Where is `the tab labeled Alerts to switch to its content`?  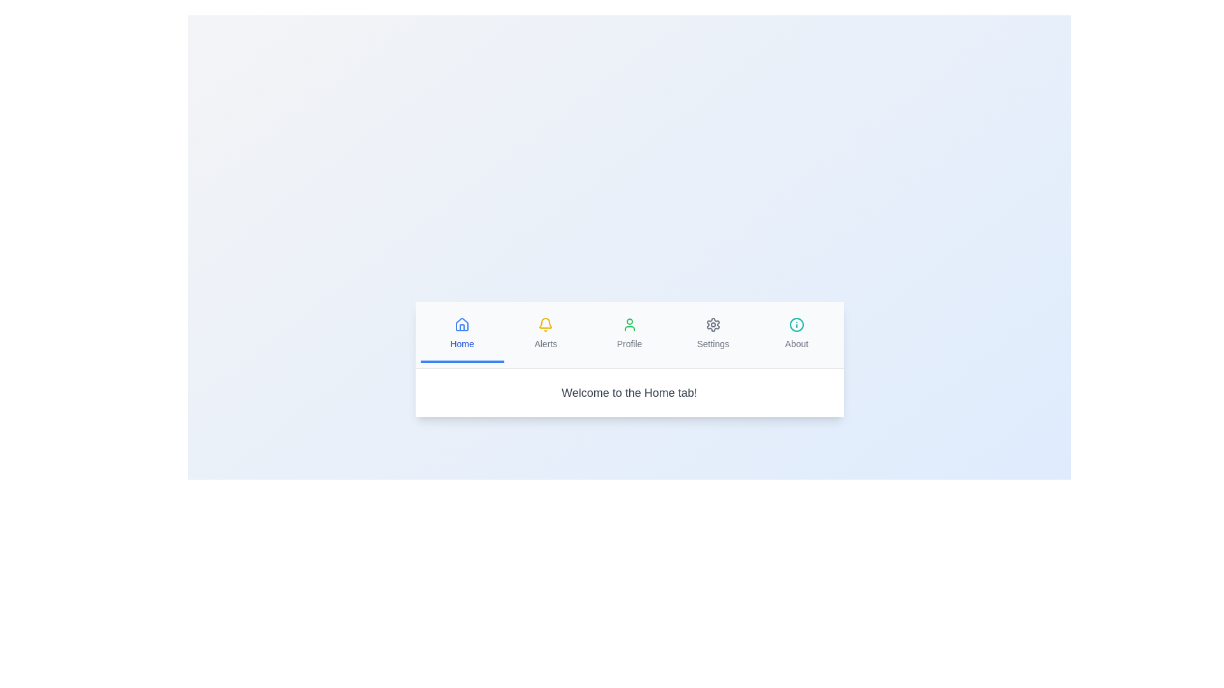 the tab labeled Alerts to switch to its content is located at coordinates (545, 333).